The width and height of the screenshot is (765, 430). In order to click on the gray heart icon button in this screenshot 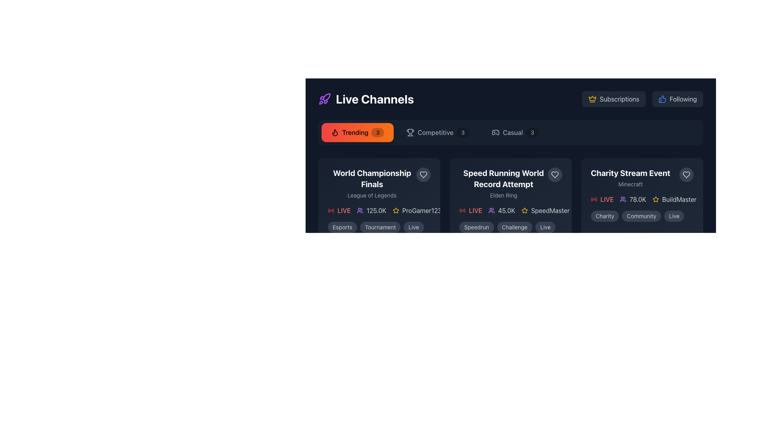, I will do `click(423, 174)`.